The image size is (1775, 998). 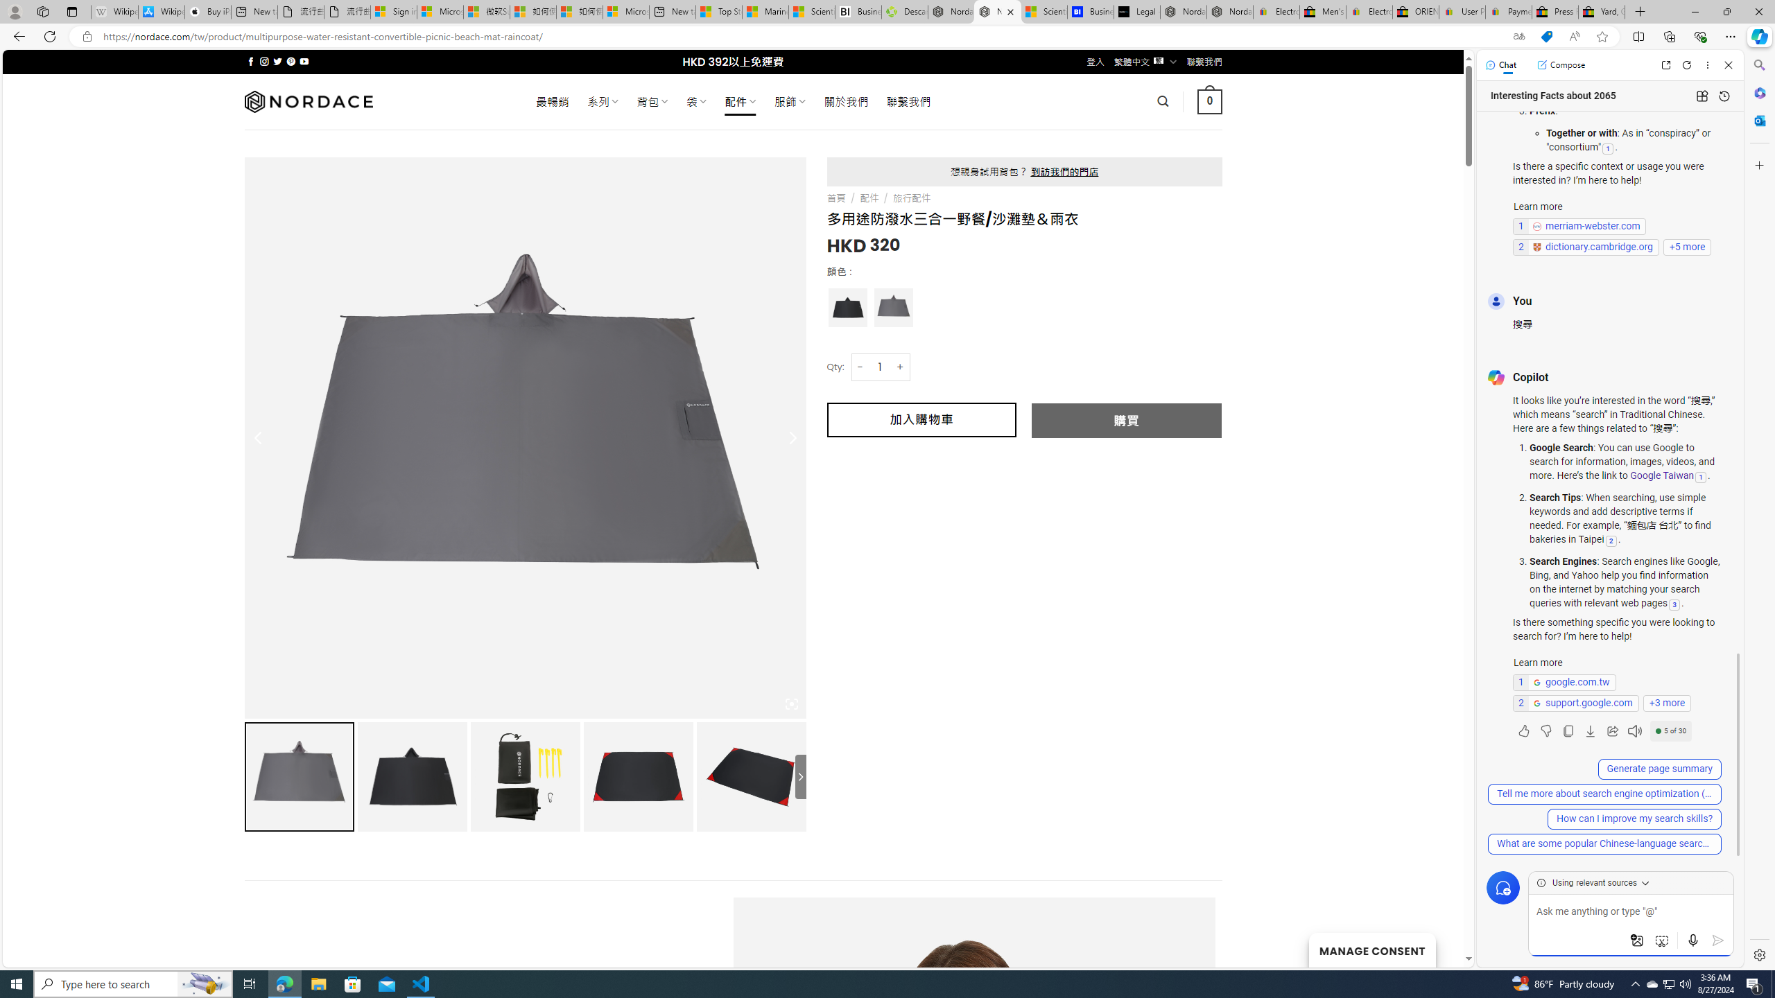 I want to click on 'Follow on Pinterest', so click(x=289, y=61).